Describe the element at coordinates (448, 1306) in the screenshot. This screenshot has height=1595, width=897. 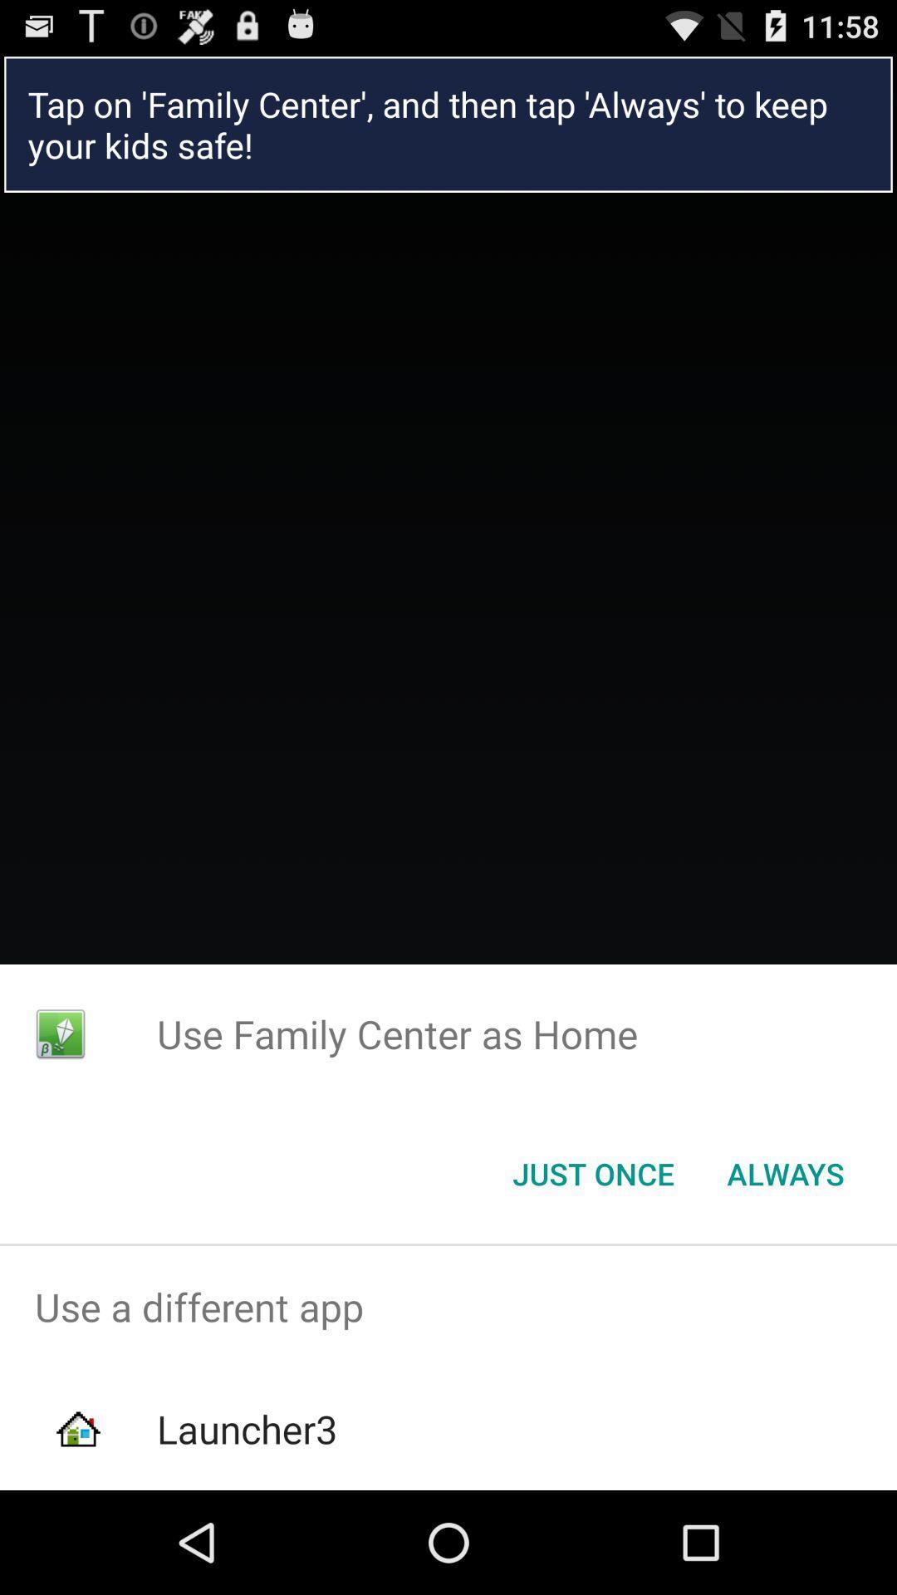
I see `the use a different app` at that location.